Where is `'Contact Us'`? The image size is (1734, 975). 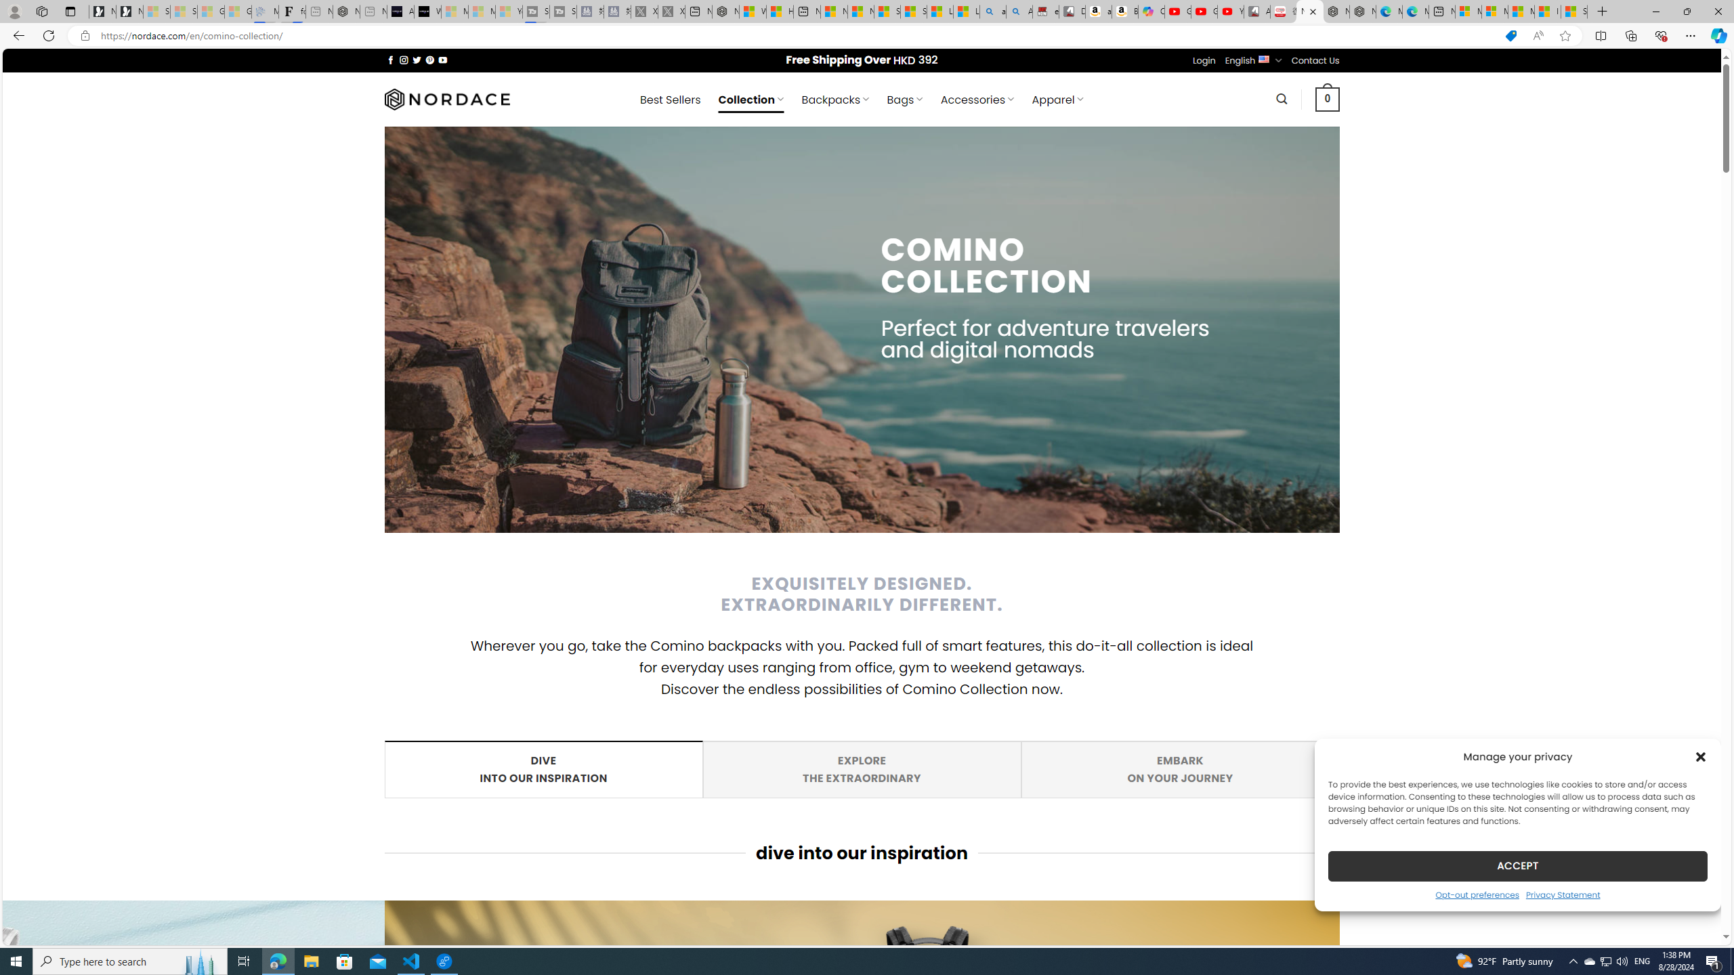 'Contact Us' is located at coordinates (1316, 60).